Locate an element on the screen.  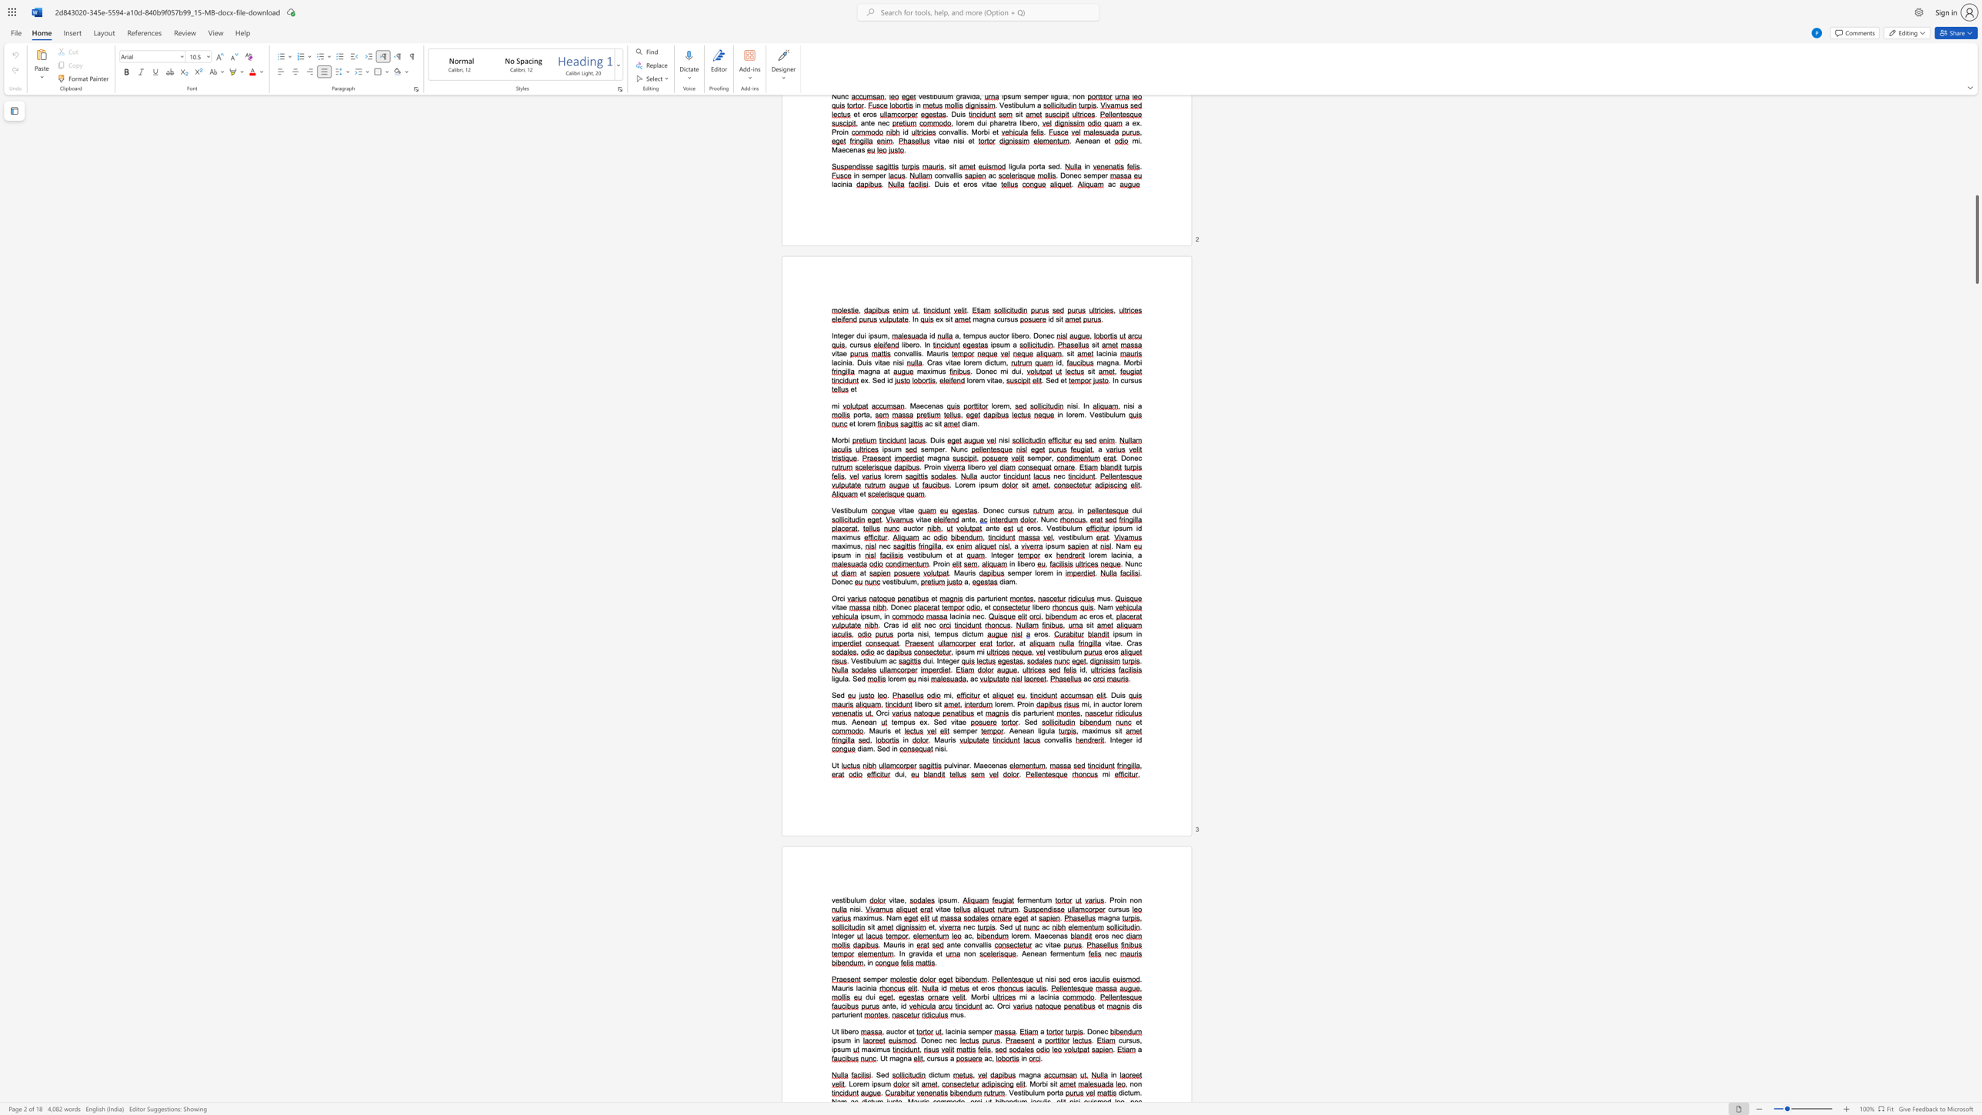
the space between the continuous character "i" and "n" in the text is located at coordinates (1138, 633).